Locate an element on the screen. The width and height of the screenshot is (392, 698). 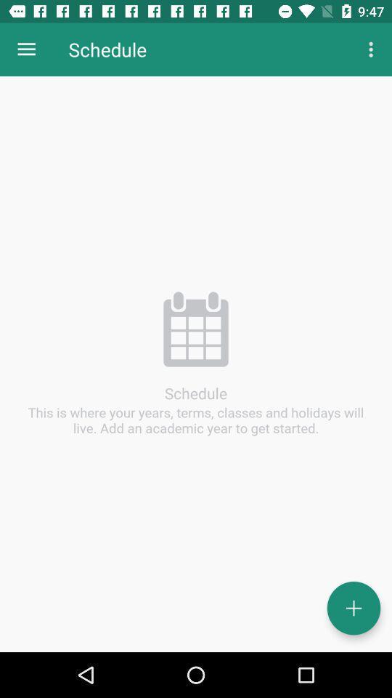
the add icon is located at coordinates (353, 608).